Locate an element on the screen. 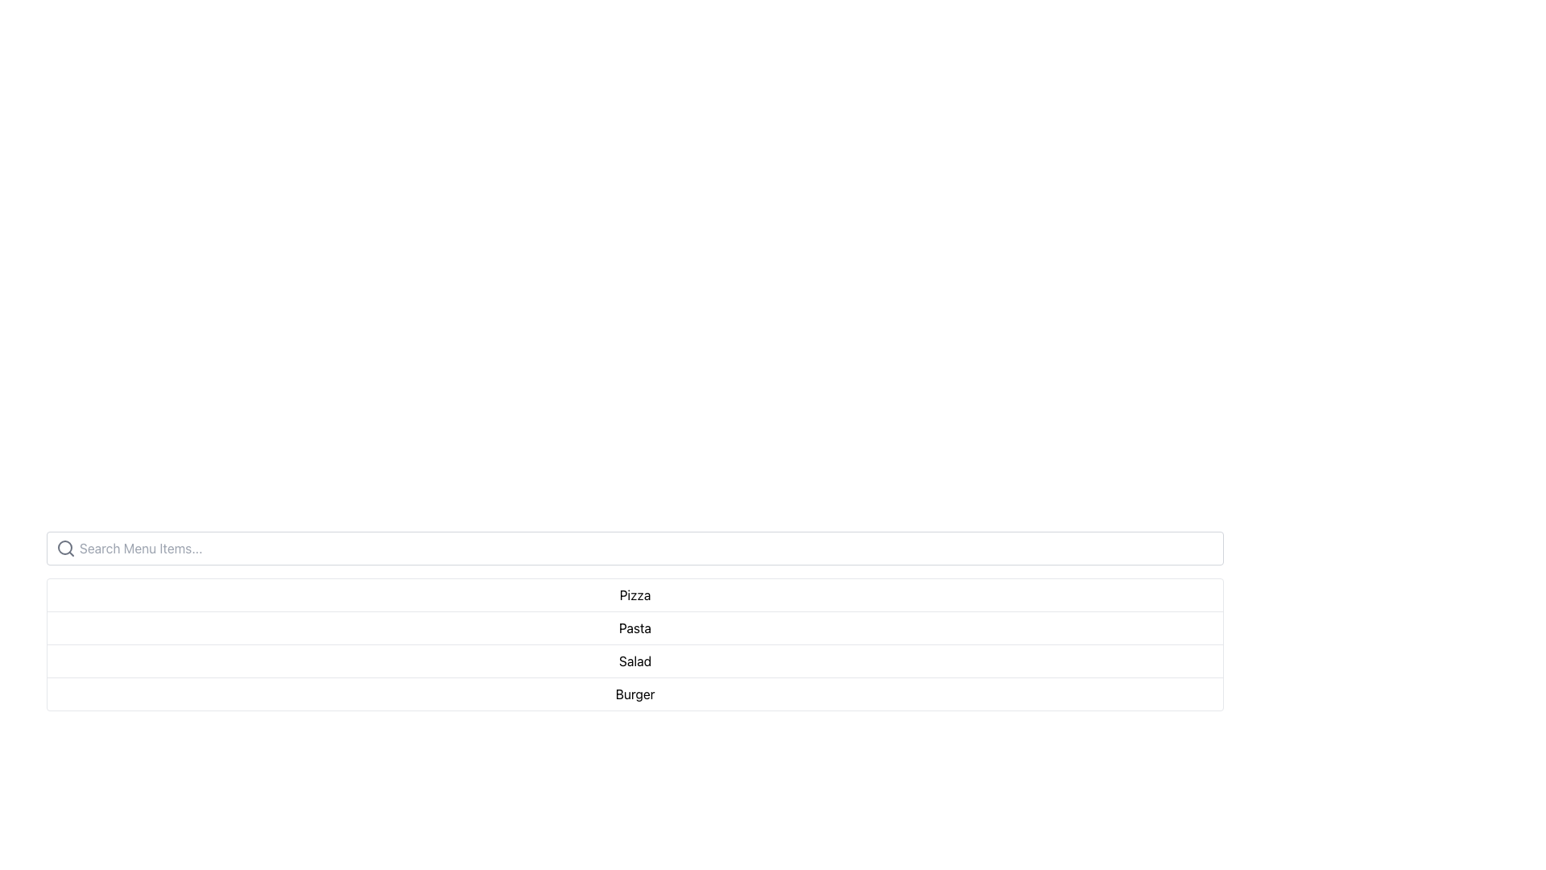 The width and height of the screenshot is (1546, 870). the text item displaying the word 'Pizza', which is the first in a list of four items, located below the search bar and above the 'Pasta' item is located at coordinates (634, 595).